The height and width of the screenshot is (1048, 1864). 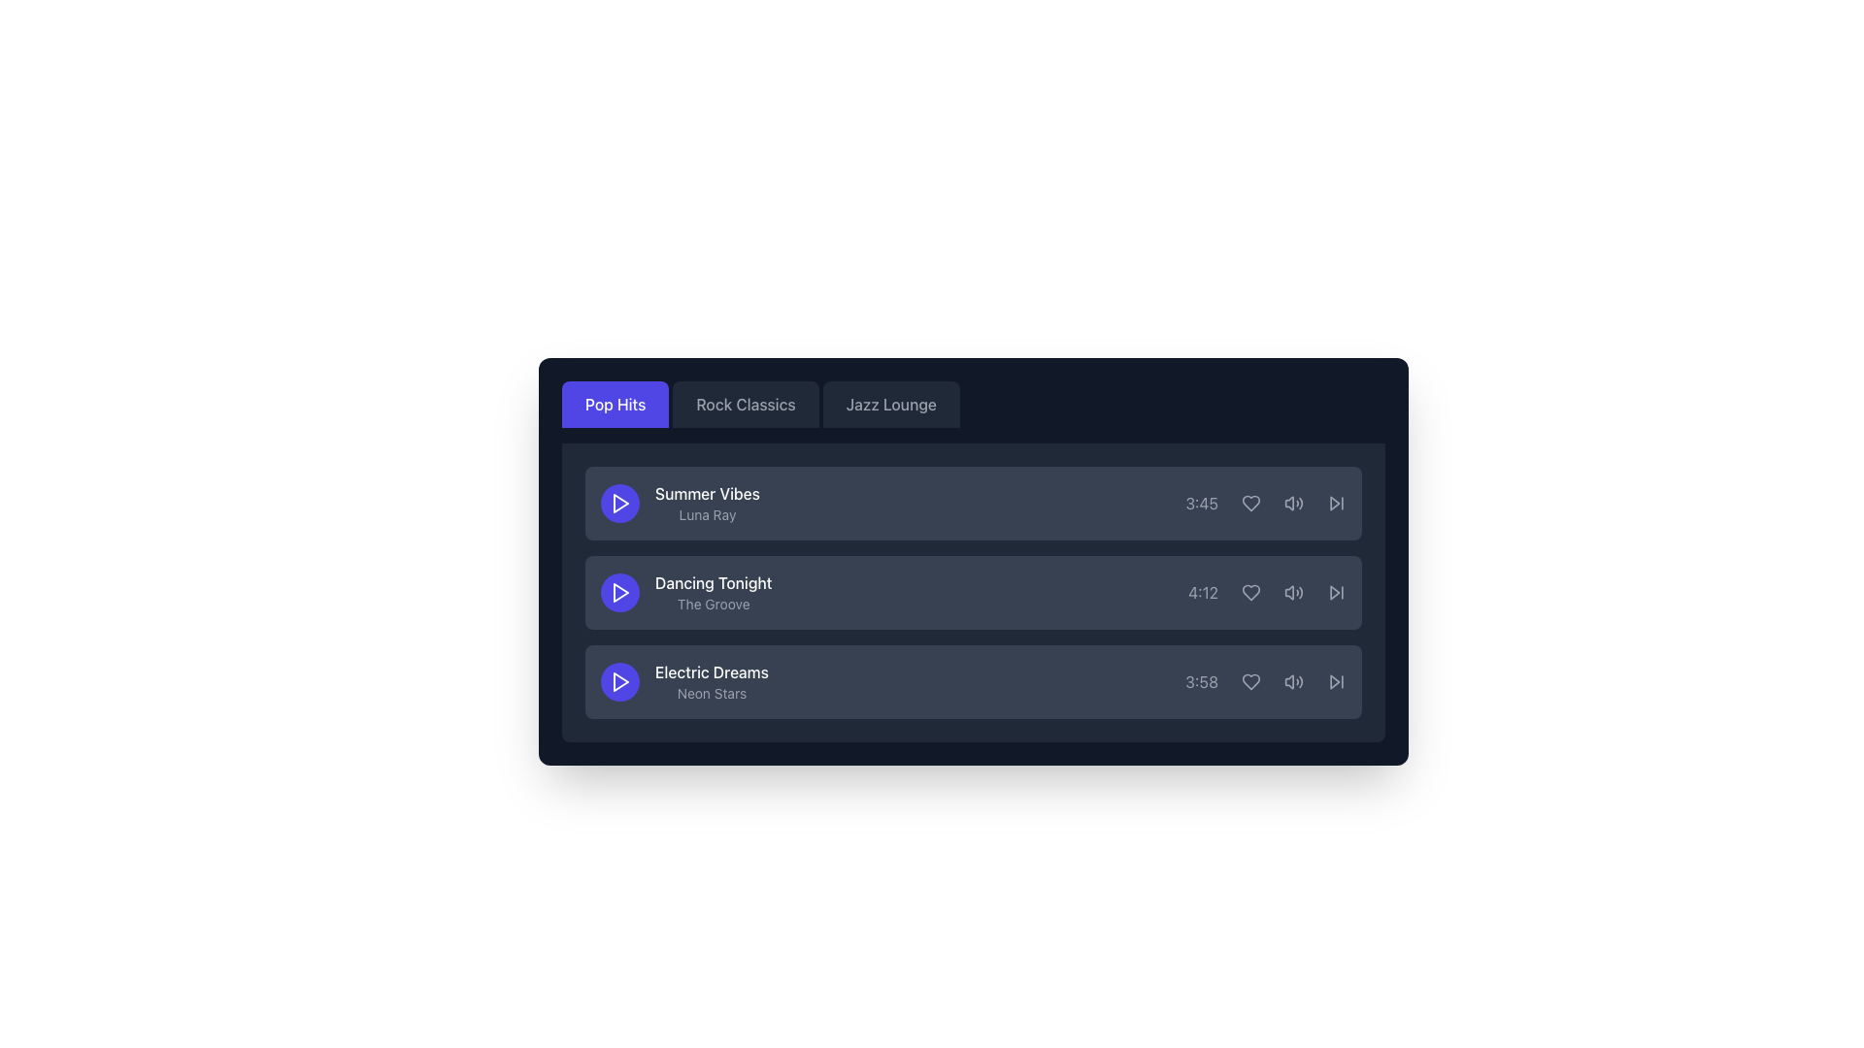 What do you see at coordinates (1251, 680) in the screenshot?
I see `the outlined heart icon to the right of the time indicator for the track labeled 'Electric Dreams'` at bounding box center [1251, 680].